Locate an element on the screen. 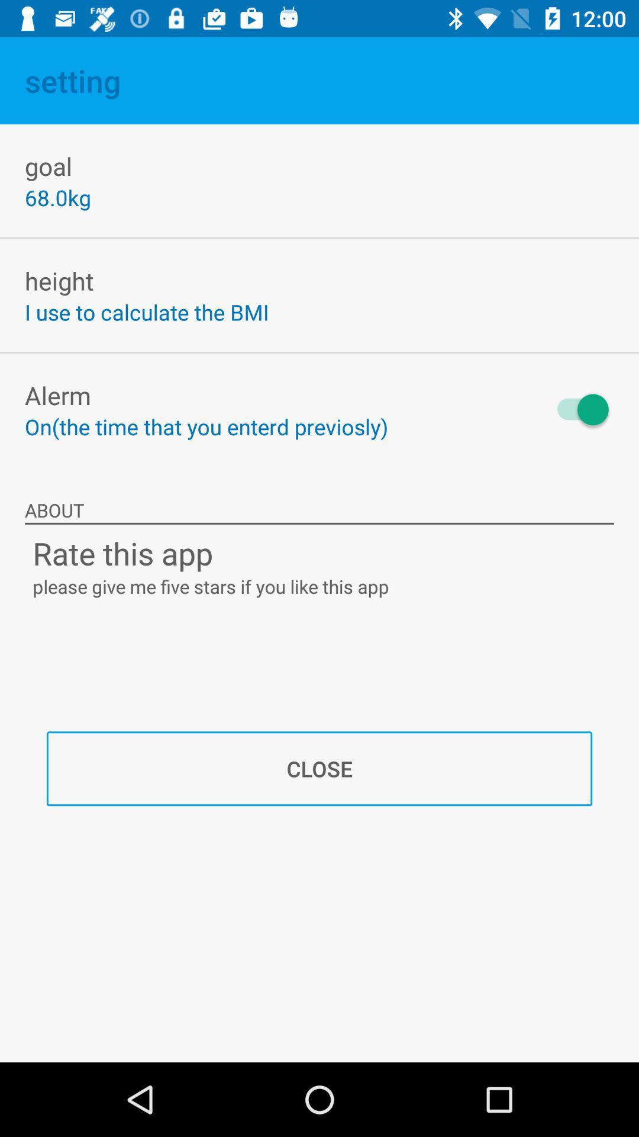 The image size is (639, 1137). two text lines below about is located at coordinates (319, 565).